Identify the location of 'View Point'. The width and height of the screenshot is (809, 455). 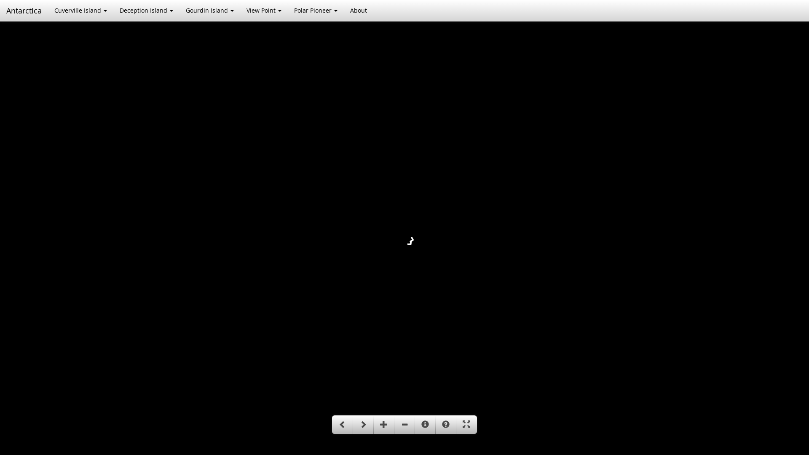
(263, 10).